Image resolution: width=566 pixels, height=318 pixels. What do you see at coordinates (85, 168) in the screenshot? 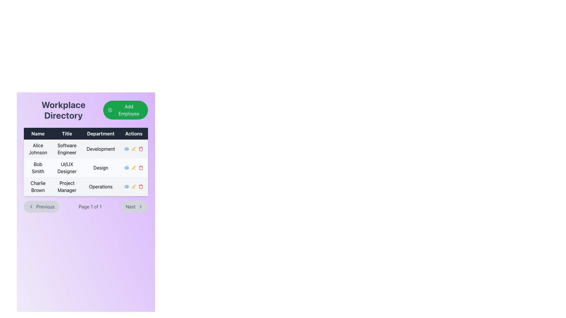
I see `on the second row of the employee table containing 'Bob Smith', which allows editing the employee's information in-place` at bounding box center [85, 168].